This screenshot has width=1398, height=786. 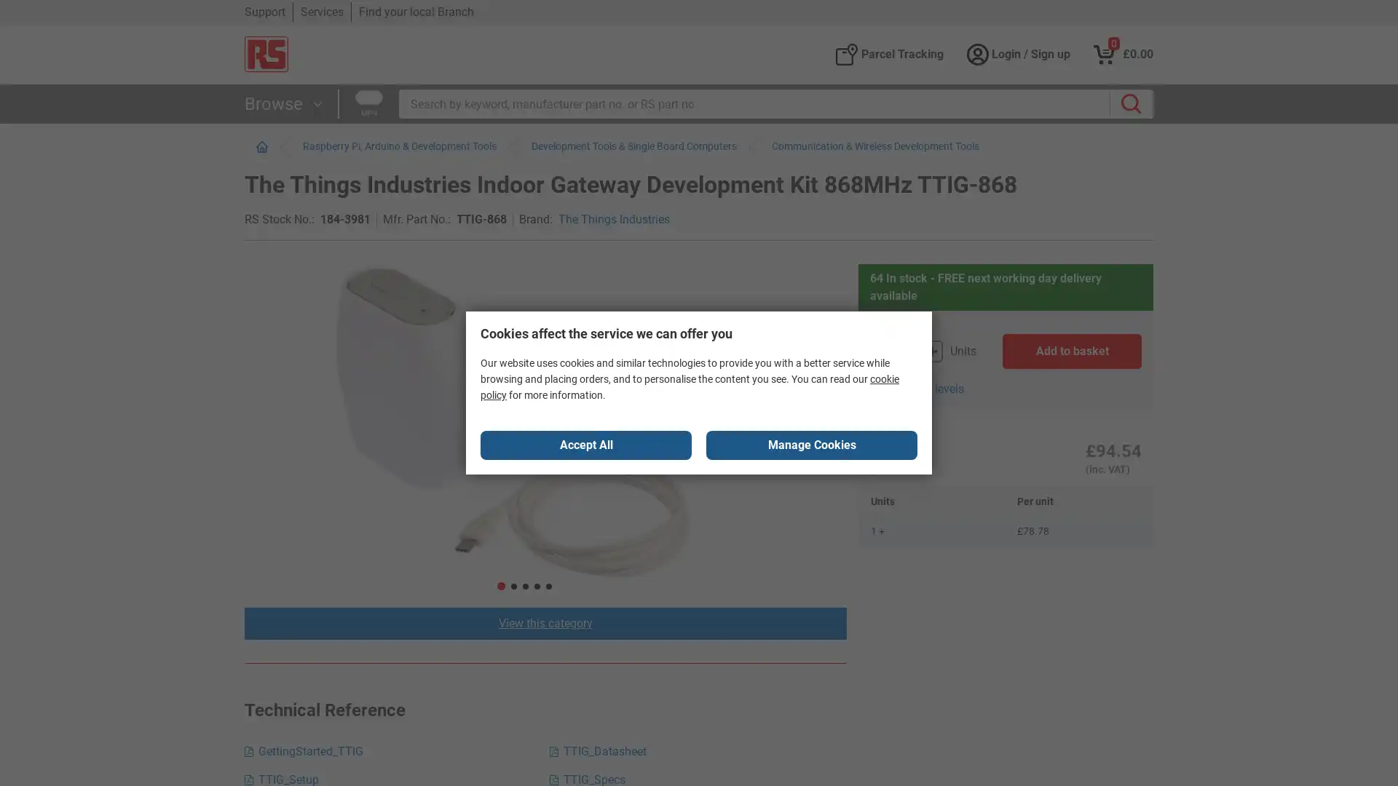 What do you see at coordinates (1072, 351) in the screenshot?
I see `Add to basket` at bounding box center [1072, 351].